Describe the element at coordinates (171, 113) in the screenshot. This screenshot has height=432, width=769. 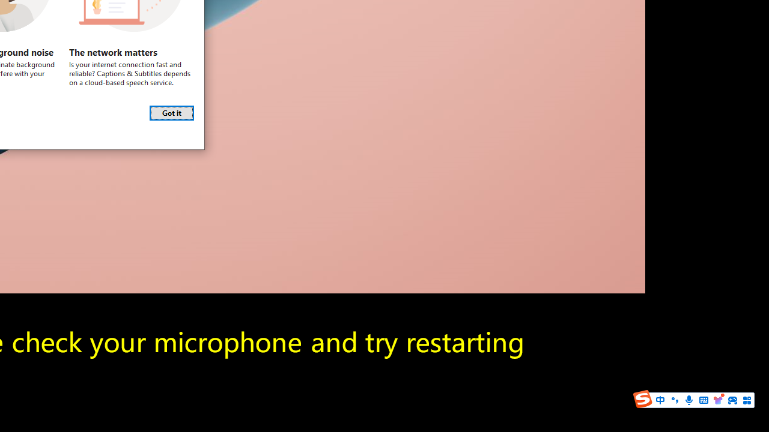
I see `'Got it'` at that location.